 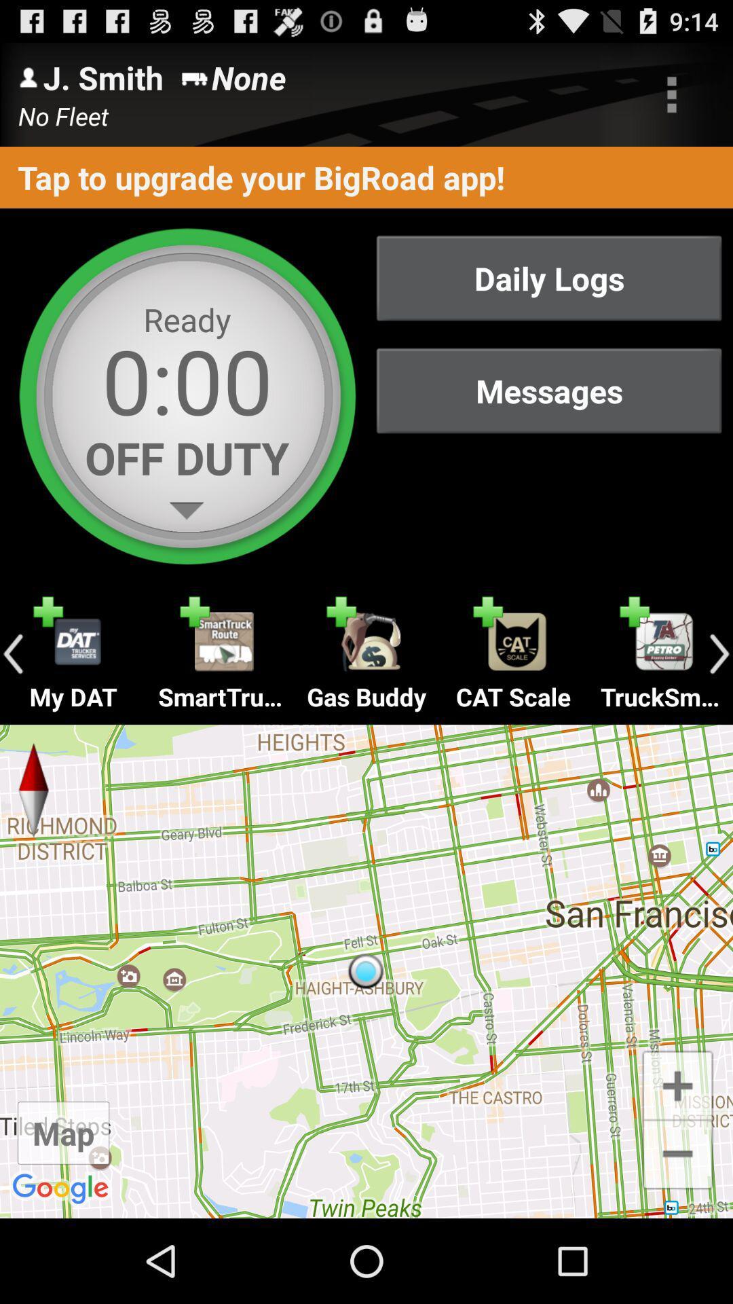 What do you see at coordinates (366, 177) in the screenshot?
I see `the tap to upgrade item` at bounding box center [366, 177].